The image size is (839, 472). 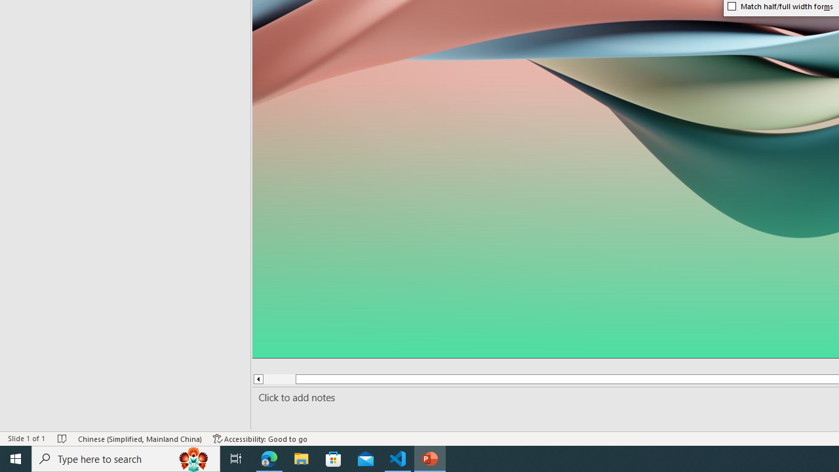 What do you see at coordinates (301, 458) in the screenshot?
I see `'File Explorer'` at bounding box center [301, 458].